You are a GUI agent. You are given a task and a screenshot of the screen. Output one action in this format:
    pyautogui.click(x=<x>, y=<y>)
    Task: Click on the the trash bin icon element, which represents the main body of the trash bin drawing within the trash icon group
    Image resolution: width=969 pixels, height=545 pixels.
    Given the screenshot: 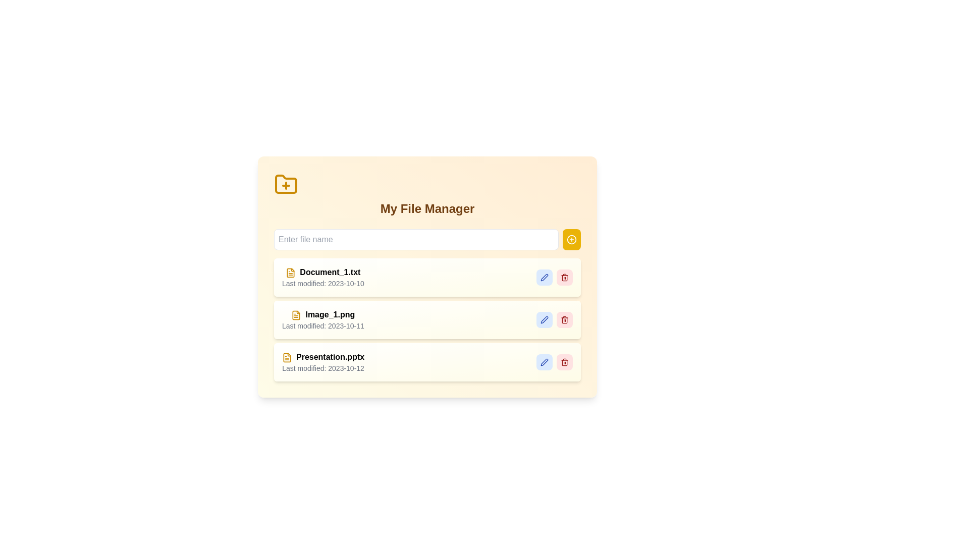 What is the action you would take?
    pyautogui.click(x=564, y=362)
    